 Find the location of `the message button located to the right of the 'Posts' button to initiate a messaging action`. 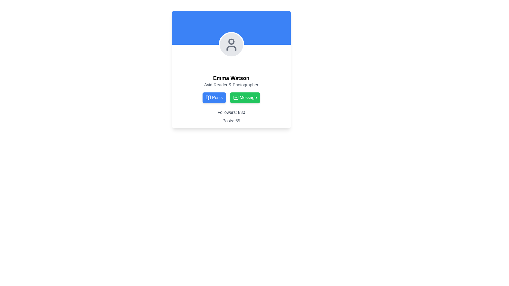

the message button located to the right of the 'Posts' button to initiate a messaging action is located at coordinates (231, 98).